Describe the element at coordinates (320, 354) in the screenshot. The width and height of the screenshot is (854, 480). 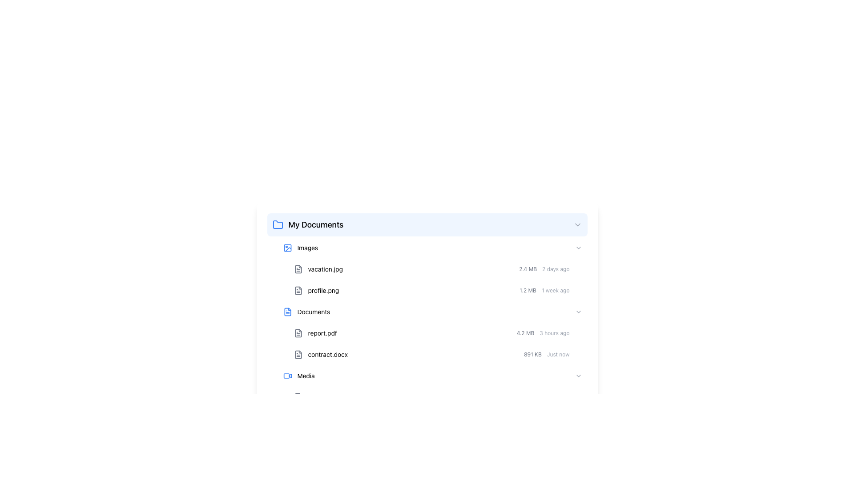
I see `the text label 'contract.docx' which is located in the 'Documents' section` at that location.